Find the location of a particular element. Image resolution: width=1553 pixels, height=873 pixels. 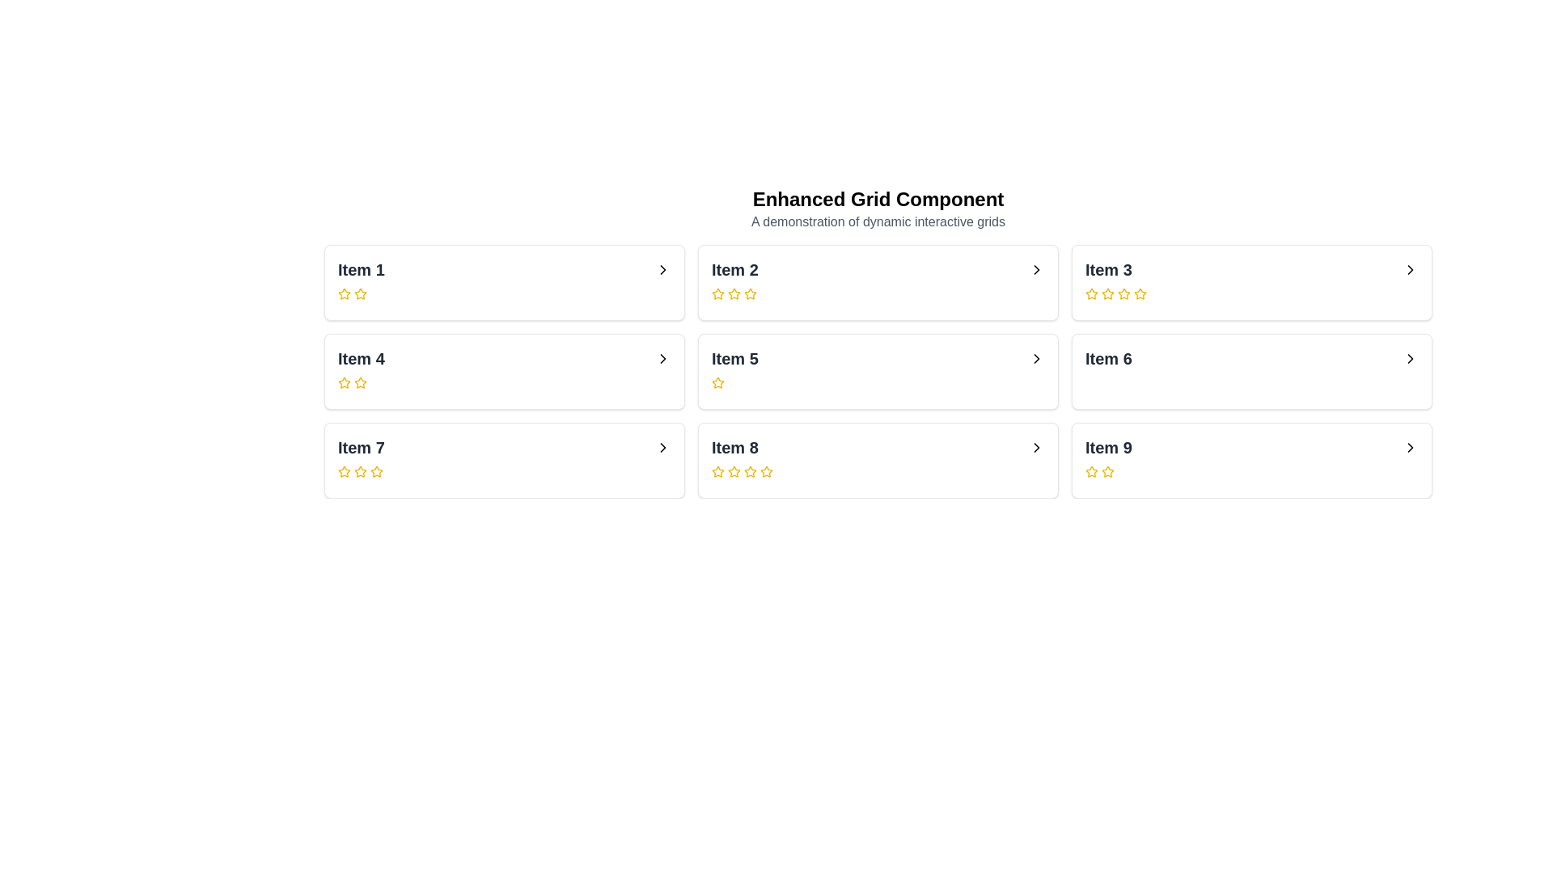

the first card in the grid layout located at the top-left corner is located at coordinates (504, 282).